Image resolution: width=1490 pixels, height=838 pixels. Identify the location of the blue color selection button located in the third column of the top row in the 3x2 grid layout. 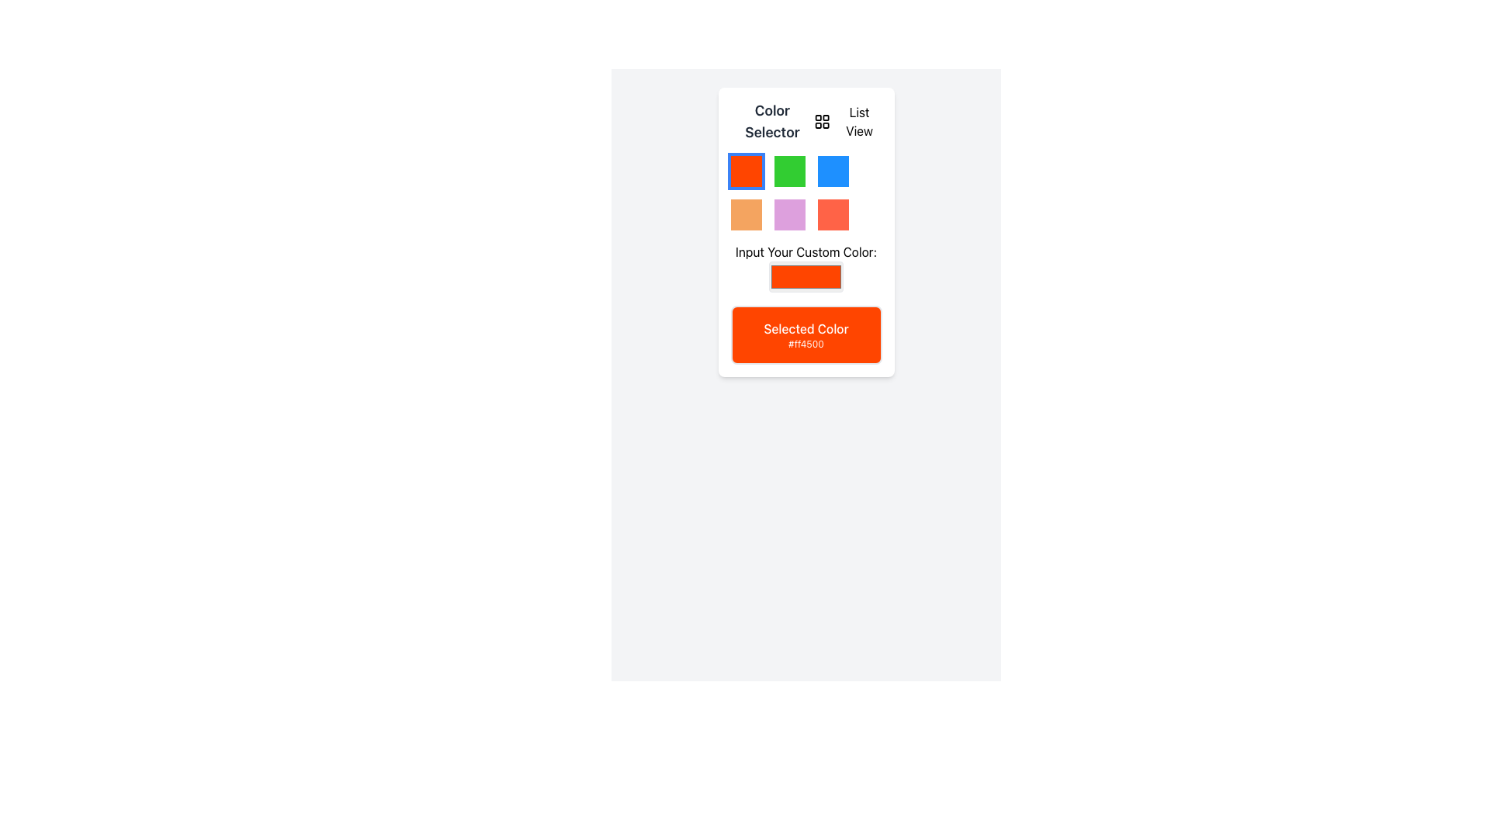
(832, 171).